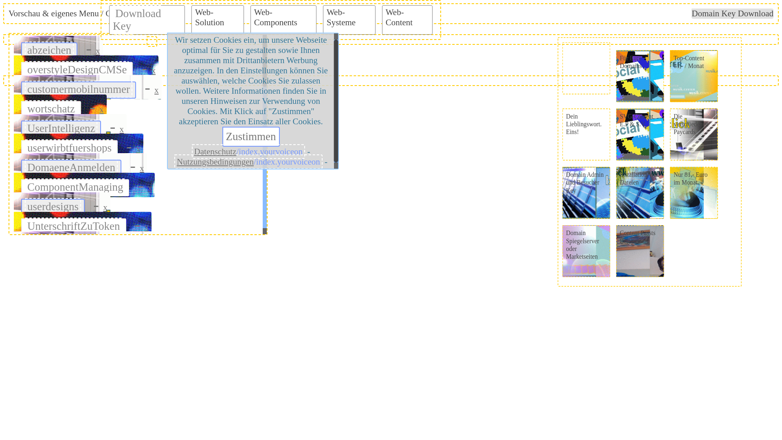 This screenshot has width=782, height=440. What do you see at coordinates (154, 70) in the screenshot?
I see `'x'` at bounding box center [154, 70].